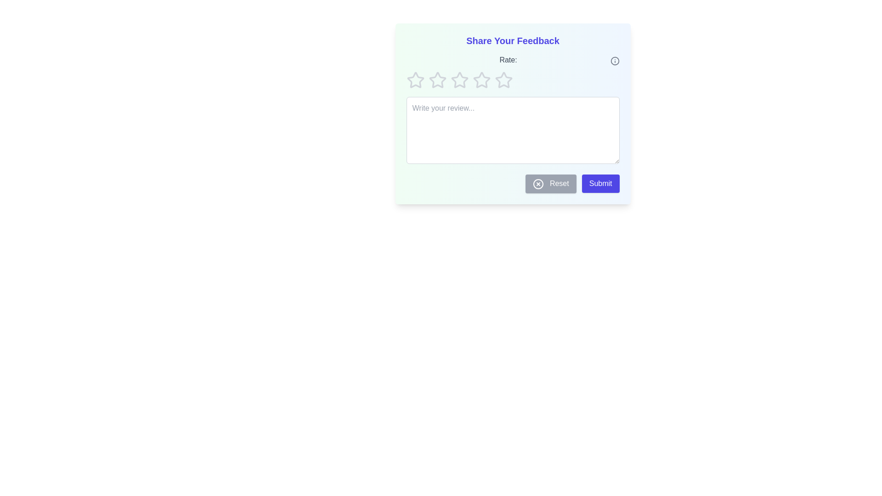 This screenshot has height=496, width=882. Describe the element at coordinates (415, 79) in the screenshot. I see `the star corresponding to 1 to preview the rating` at that location.